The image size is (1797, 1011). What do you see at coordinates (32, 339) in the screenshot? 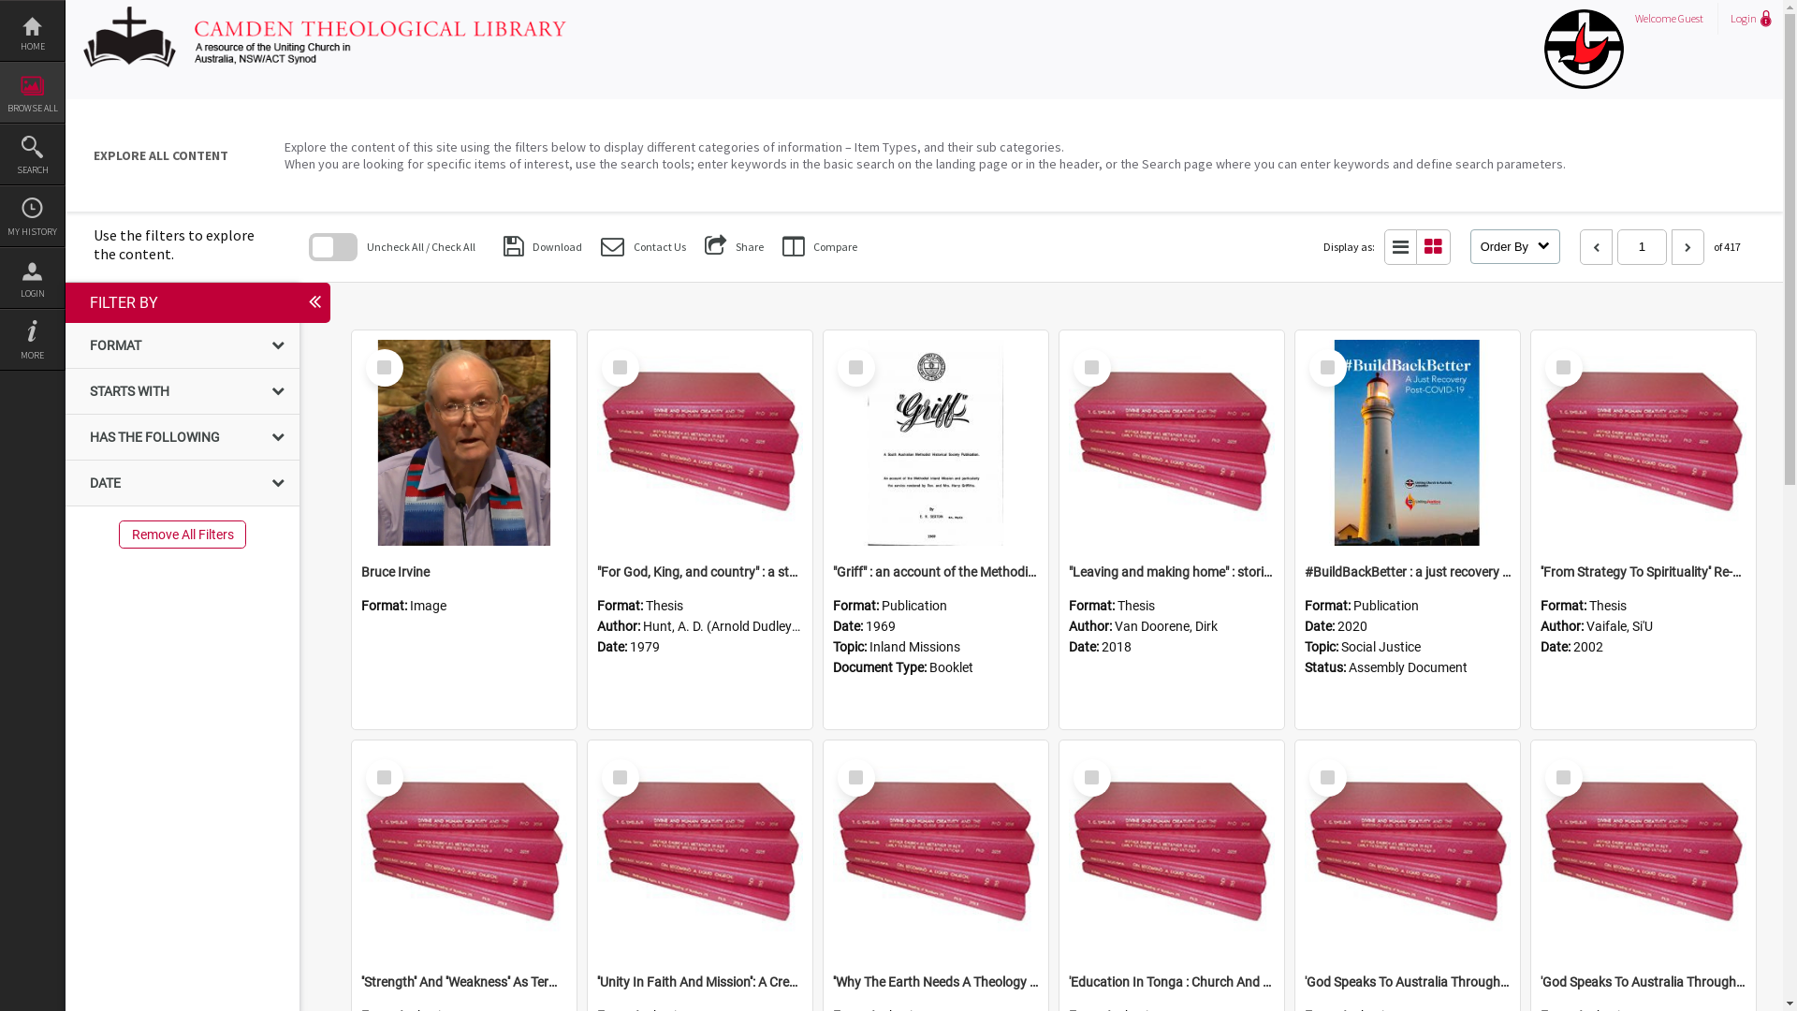
I see `'MORE'` at bounding box center [32, 339].